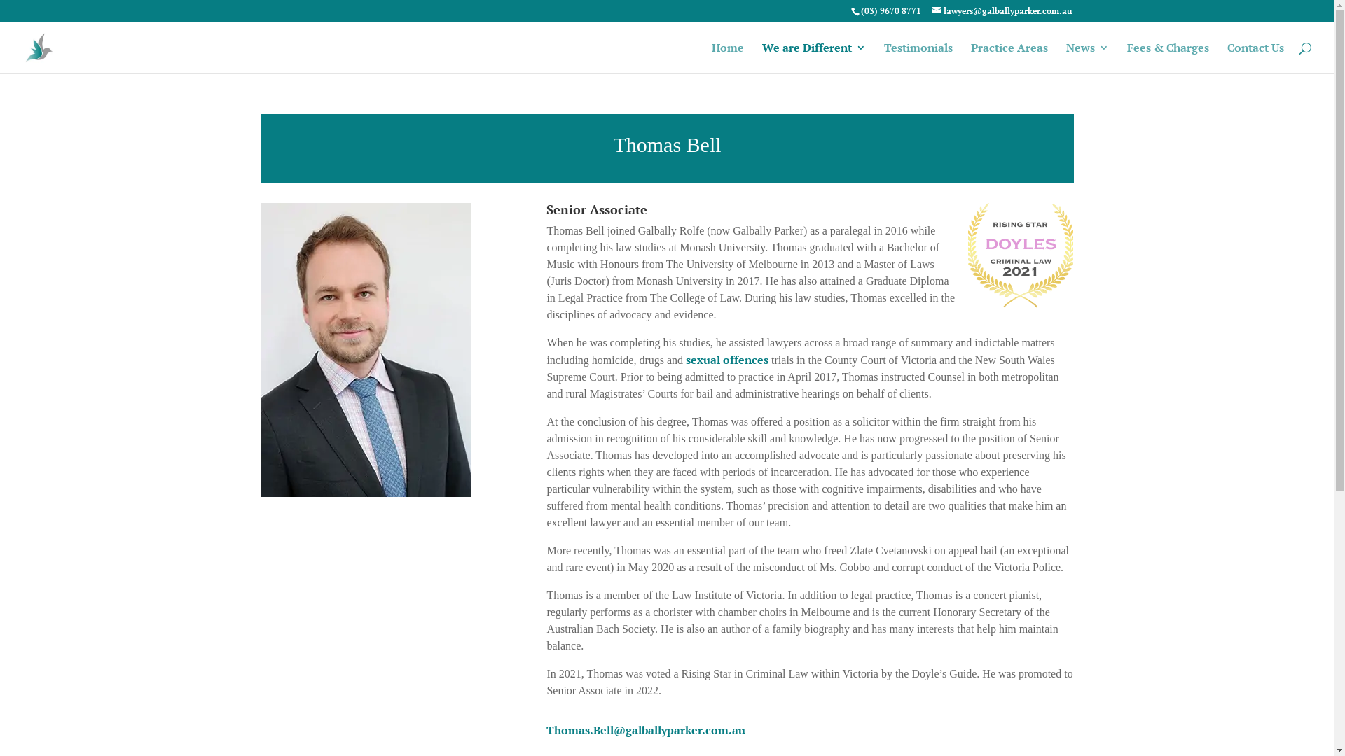 This screenshot has width=1345, height=756. I want to click on 'We are Different', so click(813, 57).